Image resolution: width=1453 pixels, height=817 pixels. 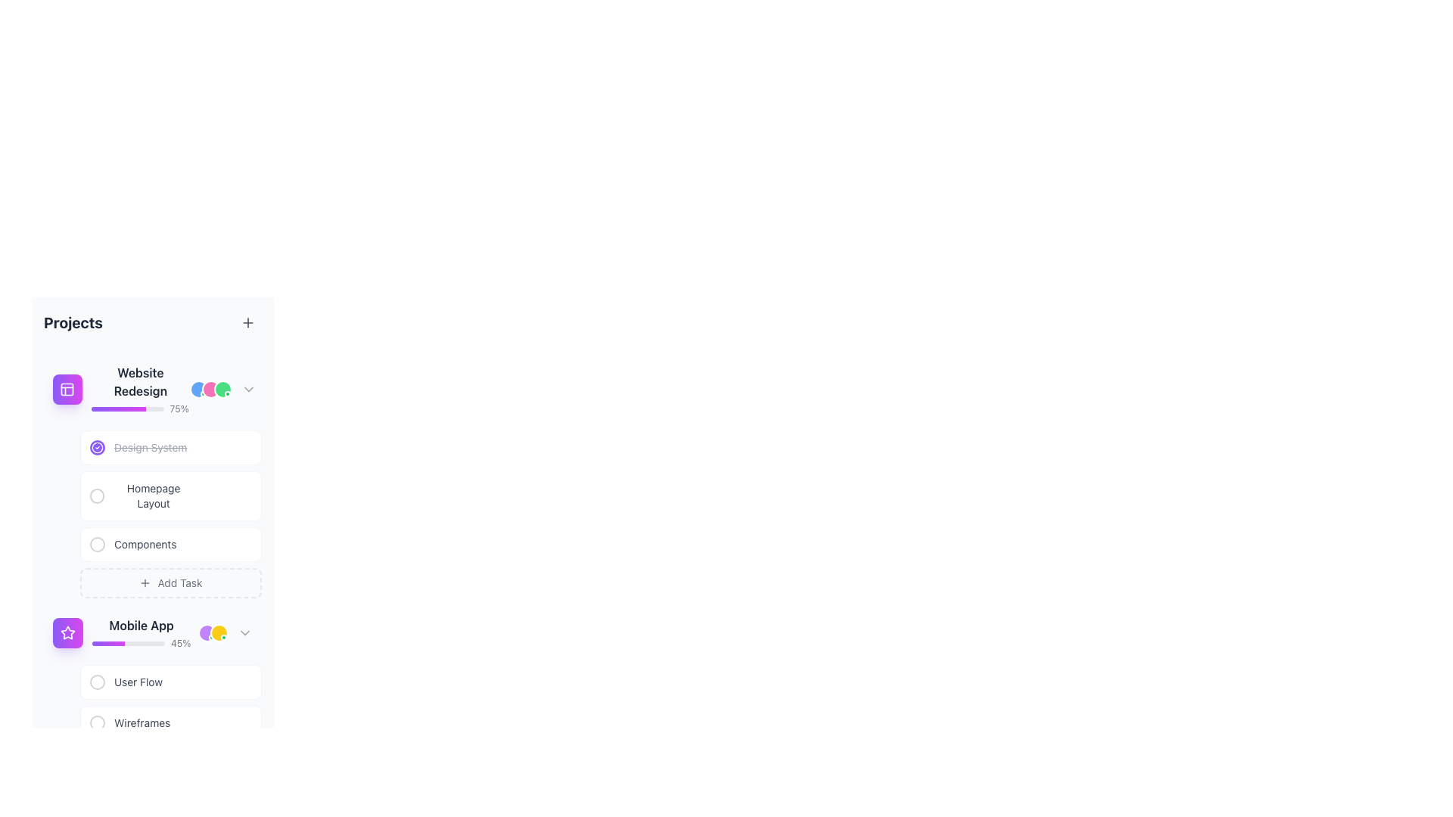 What do you see at coordinates (152, 475) in the screenshot?
I see `the list item element titled 'Homepage Layout'` at bounding box center [152, 475].